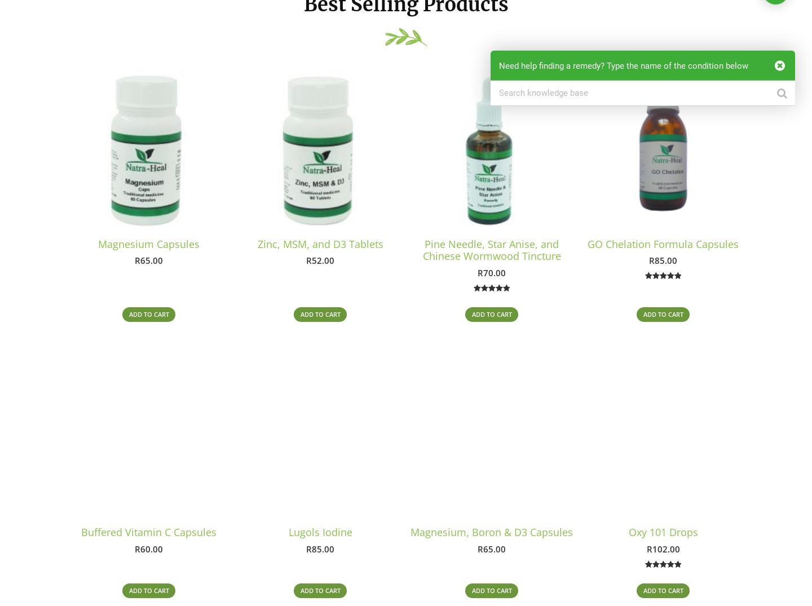 The image size is (812, 606). Describe the element at coordinates (663, 243) in the screenshot. I see `'GO Chelation Formula Capsules'` at that location.